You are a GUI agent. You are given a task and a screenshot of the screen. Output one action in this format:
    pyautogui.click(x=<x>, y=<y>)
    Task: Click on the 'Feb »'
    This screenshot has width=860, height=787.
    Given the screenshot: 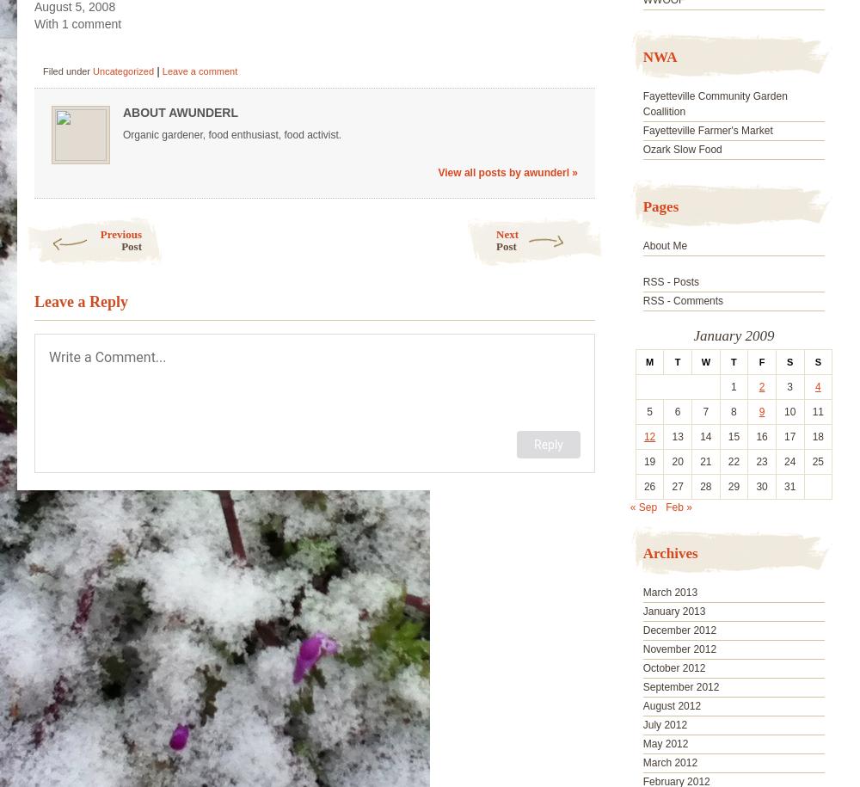 What is the action you would take?
    pyautogui.click(x=679, y=506)
    